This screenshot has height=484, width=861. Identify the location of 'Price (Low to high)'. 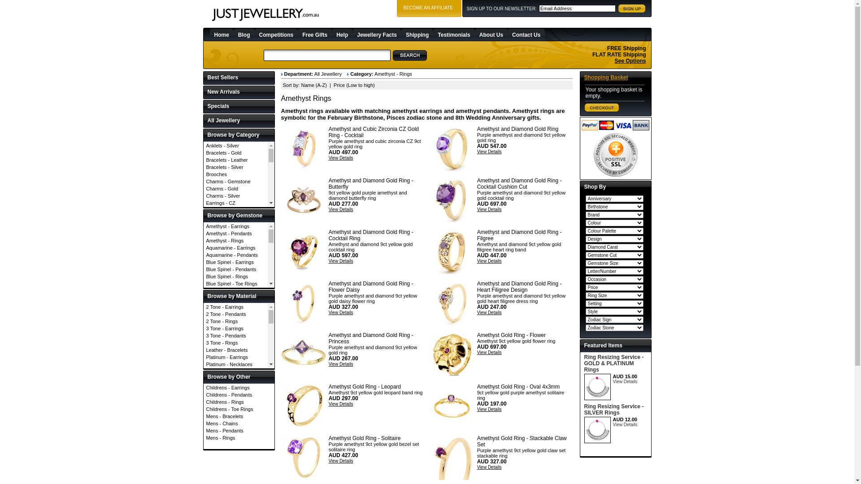
(333, 85).